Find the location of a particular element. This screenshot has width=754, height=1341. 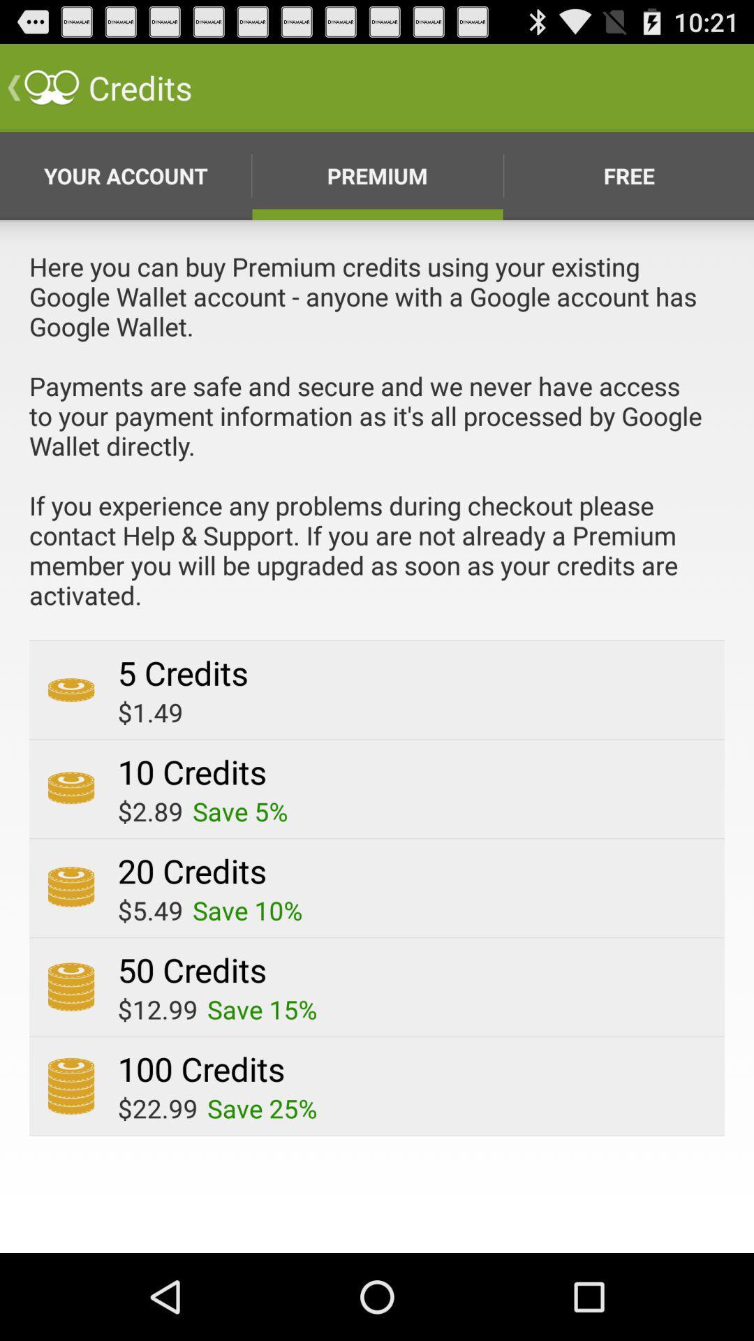

the app next to the $22.99 icon is located at coordinates (262, 1108).